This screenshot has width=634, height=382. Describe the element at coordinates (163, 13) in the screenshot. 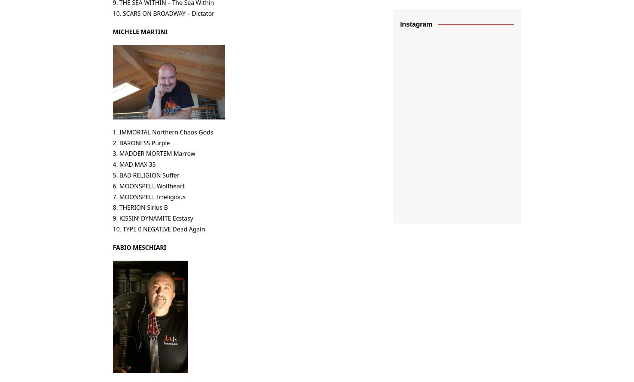

I see `'10. SCARS ON BROADWAY – Dictator'` at that location.